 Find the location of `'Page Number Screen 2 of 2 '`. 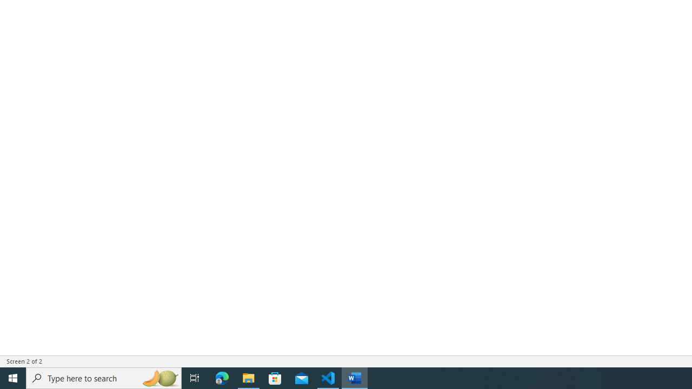

'Page Number Screen 2 of 2 ' is located at coordinates (28, 361).